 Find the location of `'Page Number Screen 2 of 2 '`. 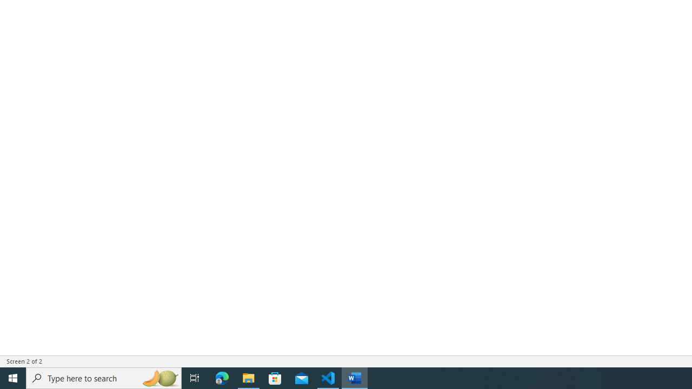

'Page Number Screen 2 of 2 ' is located at coordinates (28, 361).